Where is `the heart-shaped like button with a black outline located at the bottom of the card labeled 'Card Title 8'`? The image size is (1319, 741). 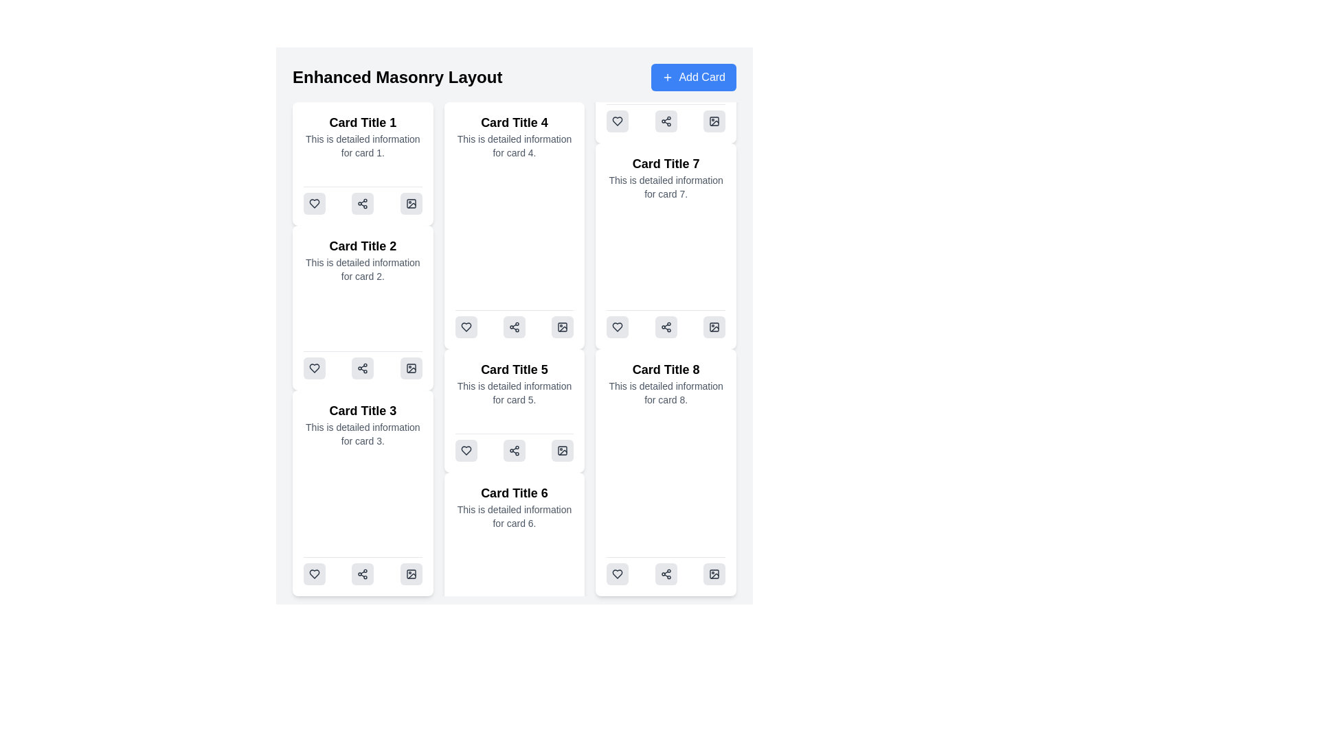 the heart-shaped like button with a black outline located at the bottom of the card labeled 'Card Title 8' is located at coordinates (617, 327).